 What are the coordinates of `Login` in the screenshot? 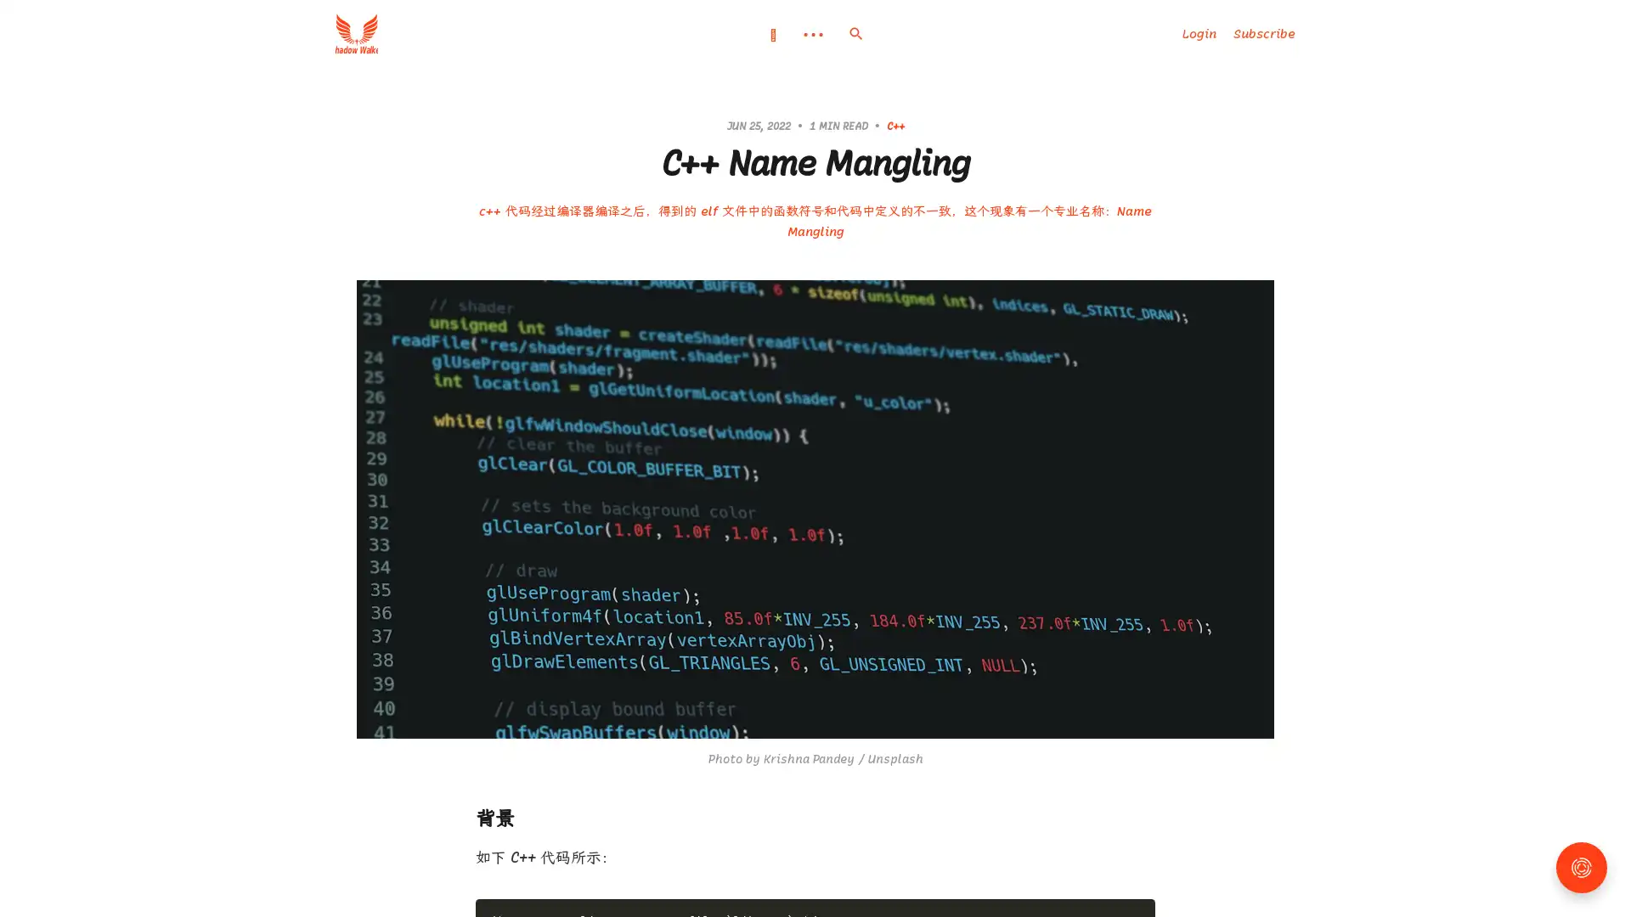 It's located at (1198, 33).